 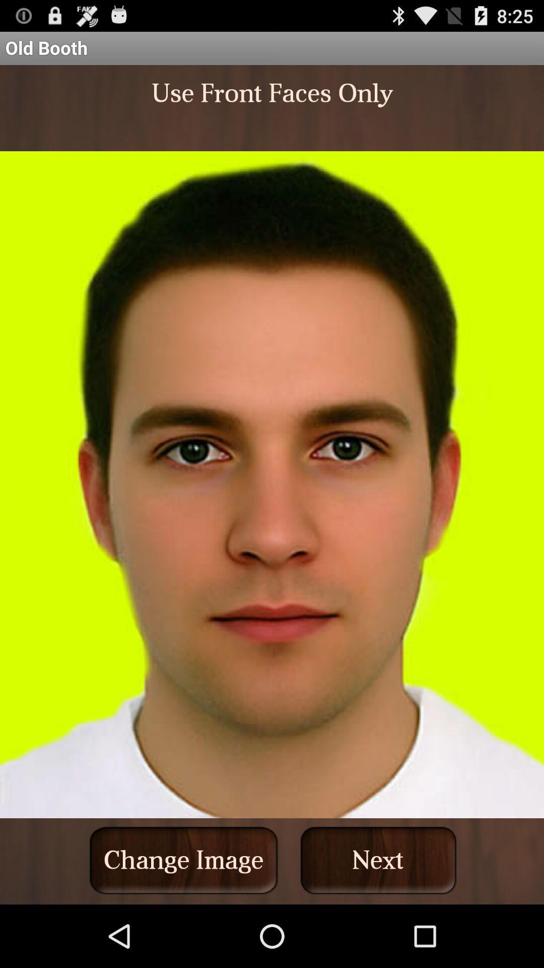 I want to click on item to the right of the change image, so click(x=378, y=860).